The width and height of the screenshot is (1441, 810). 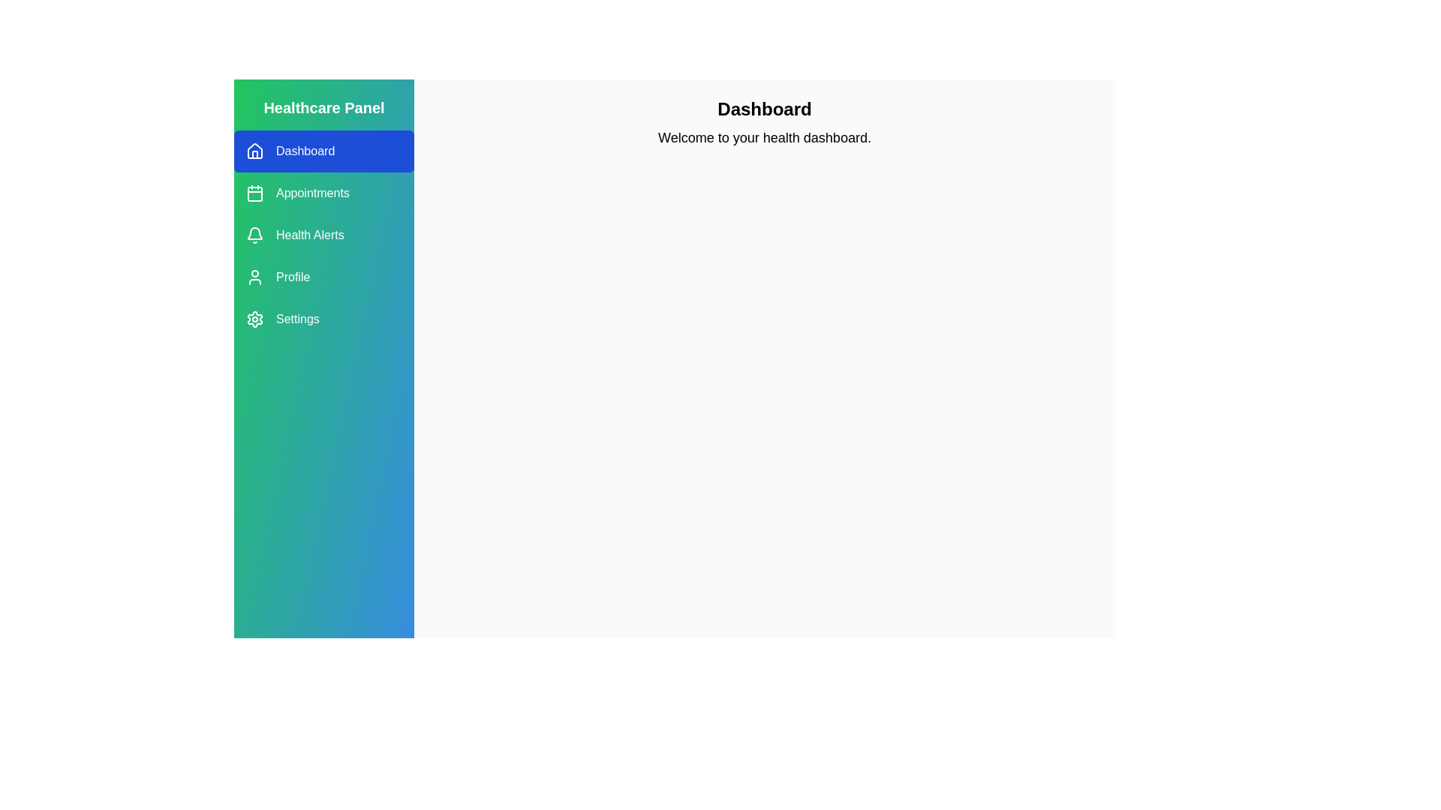 I want to click on the 'Settings' icon located in the vertical navigation menu on the left-hand side of the interface, so click(x=255, y=318).